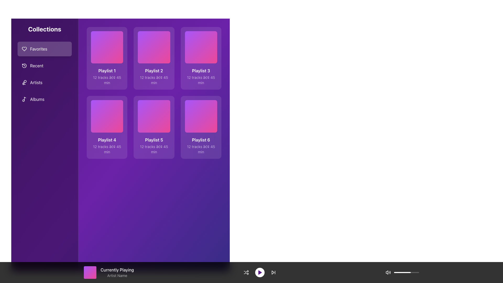 The image size is (503, 283). Describe the element at coordinates (415, 272) in the screenshot. I see `the volume` at that location.